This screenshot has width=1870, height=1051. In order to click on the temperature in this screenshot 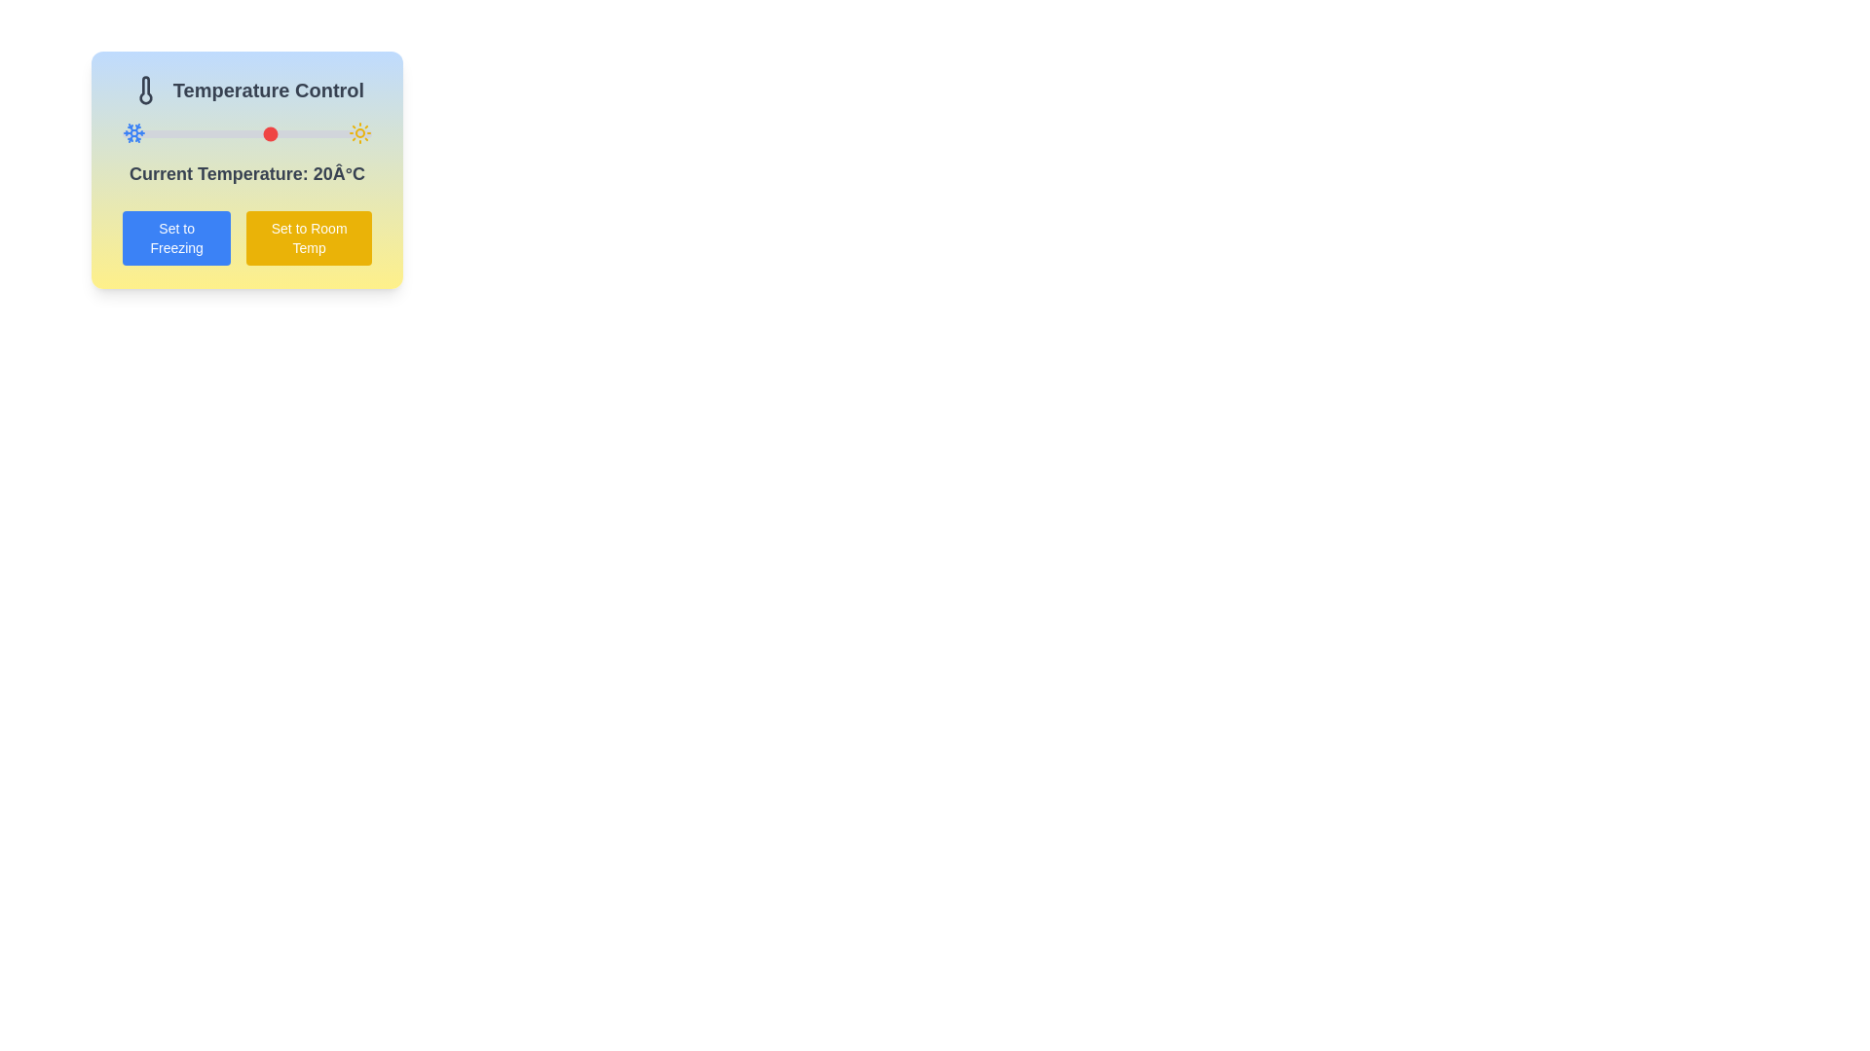, I will do `click(306, 133)`.